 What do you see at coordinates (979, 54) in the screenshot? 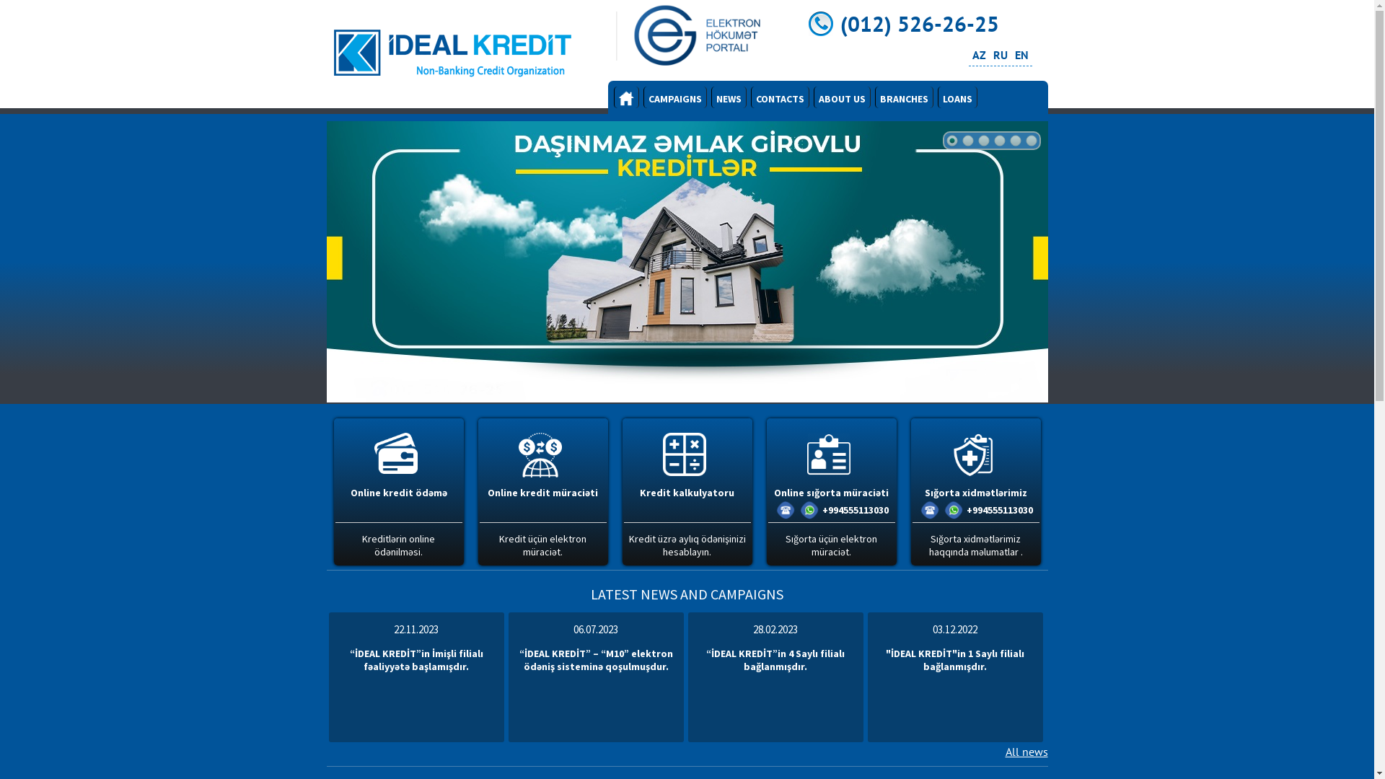
I see `'AZ'` at bounding box center [979, 54].